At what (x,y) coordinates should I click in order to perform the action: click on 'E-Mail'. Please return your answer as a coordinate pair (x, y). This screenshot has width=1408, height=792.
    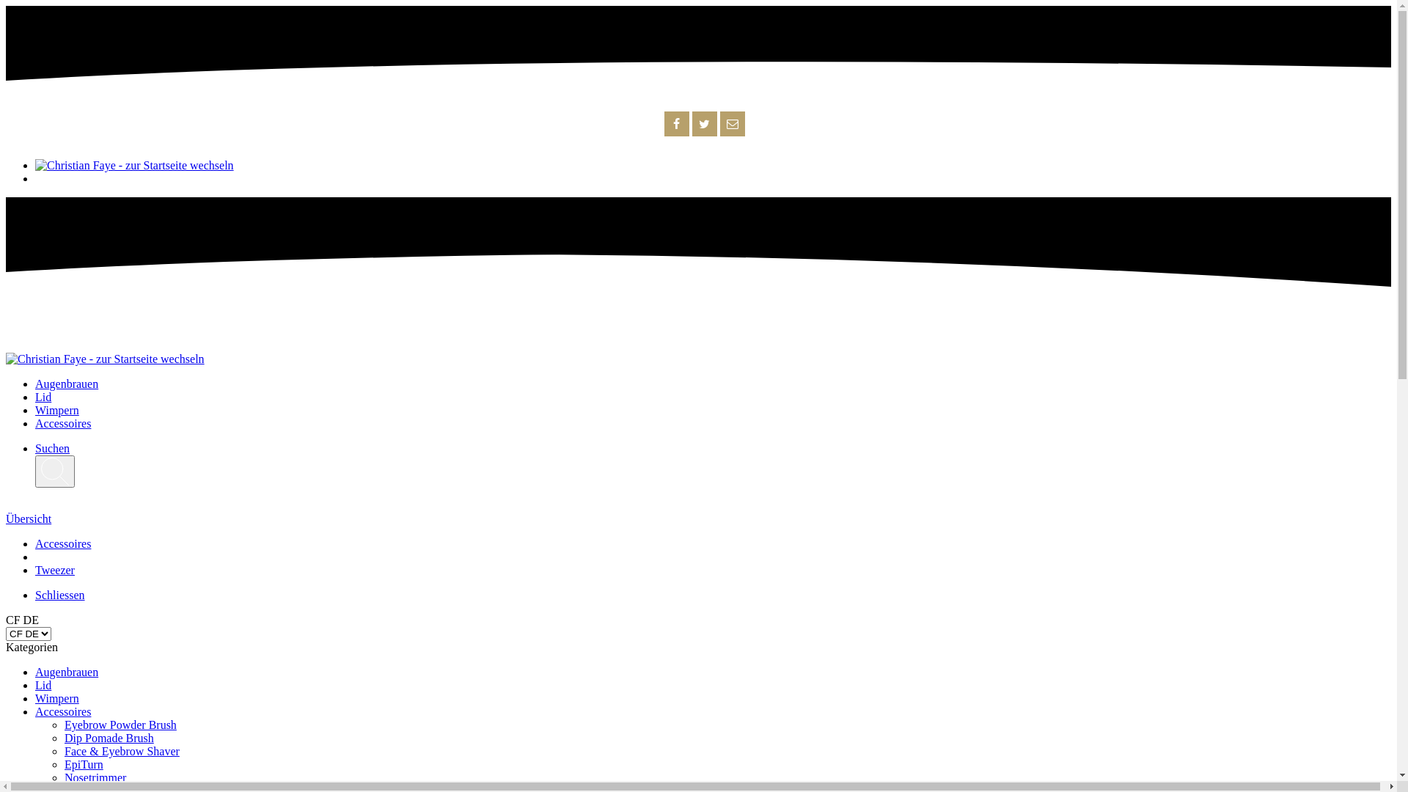
    Looking at the image, I should click on (732, 123).